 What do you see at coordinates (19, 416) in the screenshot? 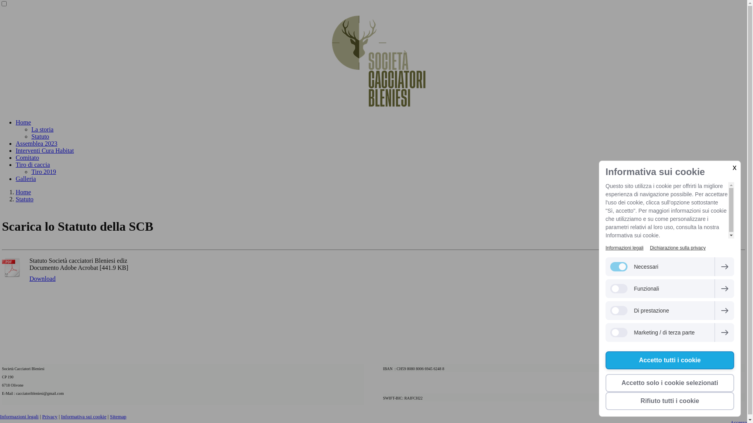
I see `'Informazioni legali'` at bounding box center [19, 416].